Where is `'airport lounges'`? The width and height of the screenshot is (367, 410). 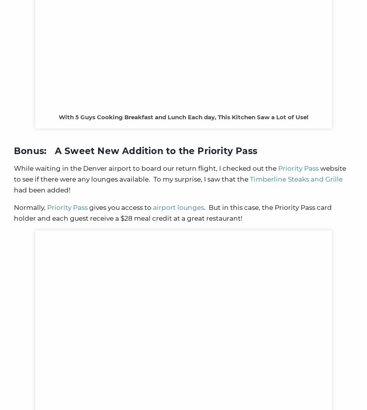
'airport lounges' is located at coordinates (178, 207).